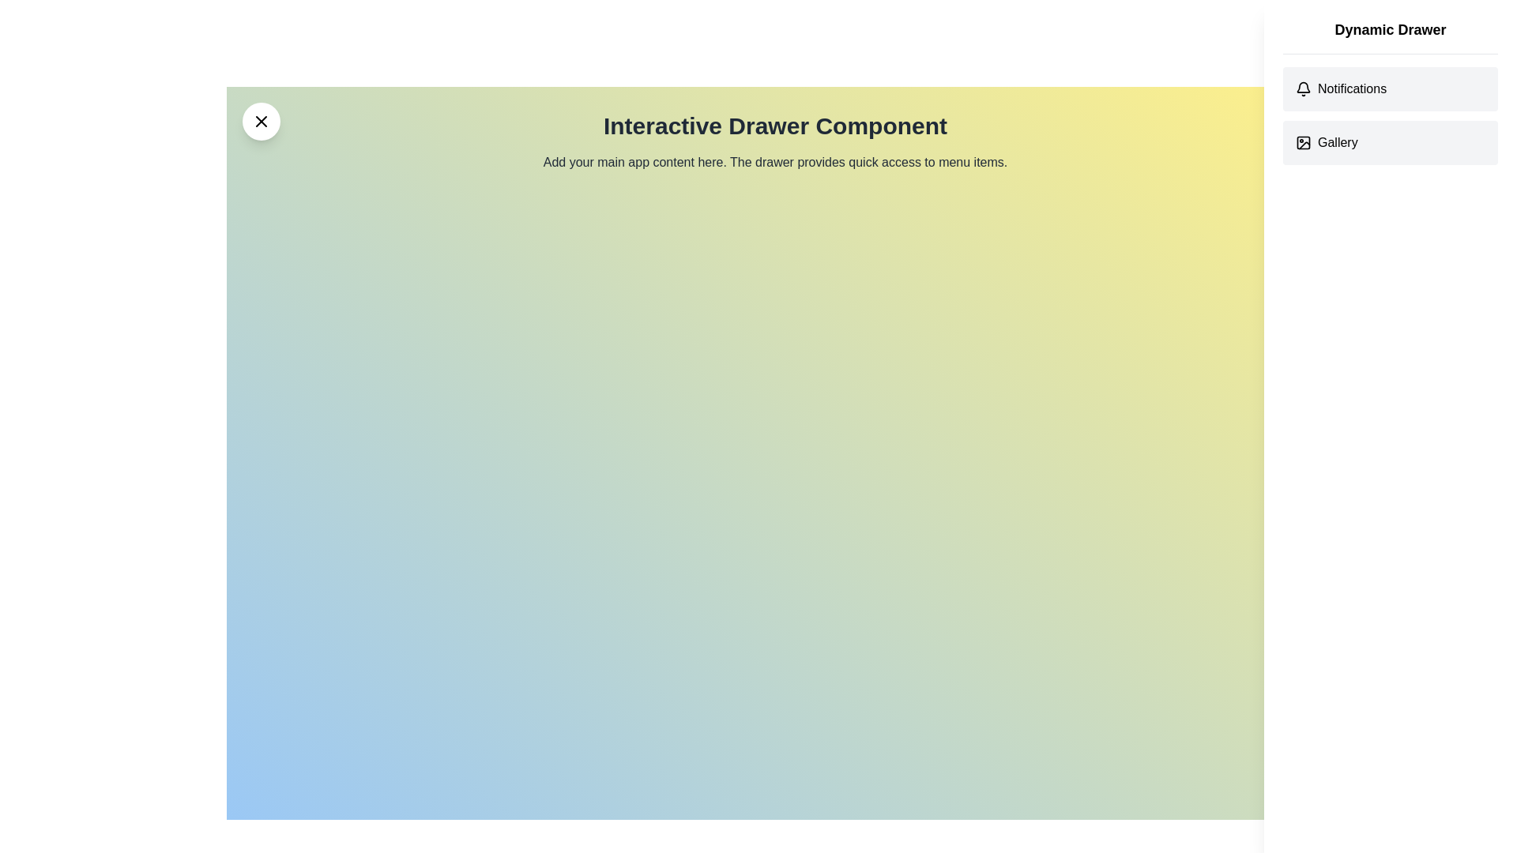  Describe the element at coordinates (1304, 88) in the screenshot. I see `the black outlined bell-shaped notification icon located to the left of the 'Notifications' label in the 'Dynamic Drawer' panel` at that location.